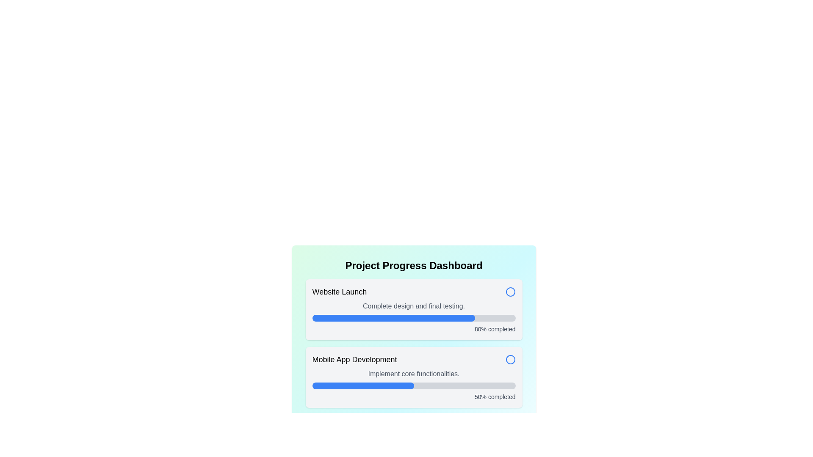 This screenshot has height=457, width=813. What do you see at coordinates (414, 373) in the screenshot?
I see `text label that displays 'Implement core functionalities.' which is styled in a medium-sized, gray font and is located within the progress tracker card for the 'Mobile App Development' task` at bounding box center [414, 373].